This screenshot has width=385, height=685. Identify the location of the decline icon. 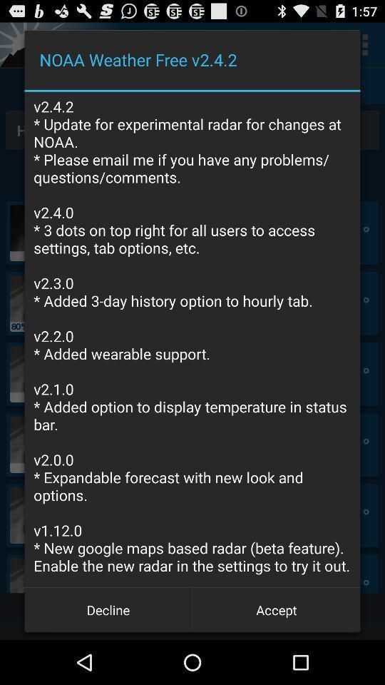
(108, 609).